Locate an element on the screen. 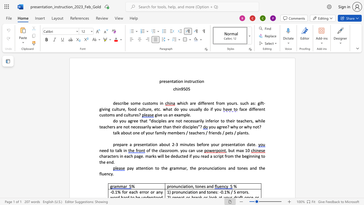  the space between the continuous character "m" and "a" in the text is located at coordinates (239, 150).